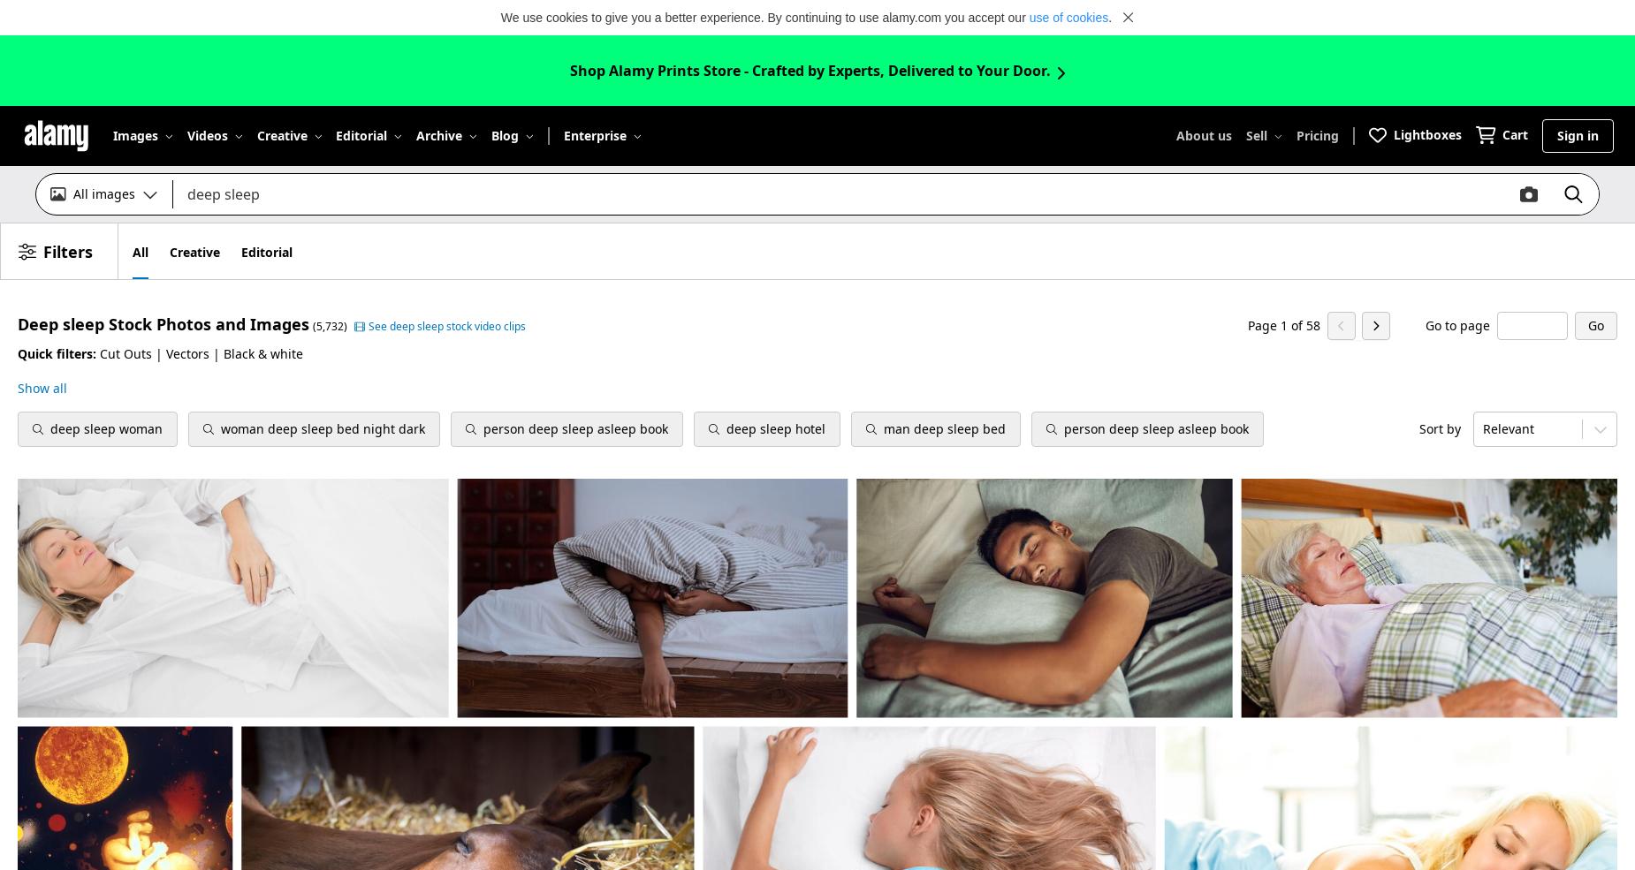 The width and height of the screenshot is (1635, 870). Describe the element at coordinates (1418, 427) in the screenshot. I see `'Sort by'` at that location.